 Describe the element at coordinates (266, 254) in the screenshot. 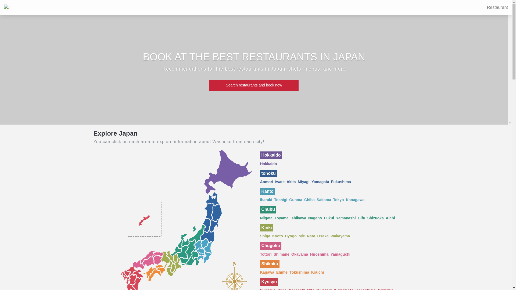

I see `'Tottori'` at that location.